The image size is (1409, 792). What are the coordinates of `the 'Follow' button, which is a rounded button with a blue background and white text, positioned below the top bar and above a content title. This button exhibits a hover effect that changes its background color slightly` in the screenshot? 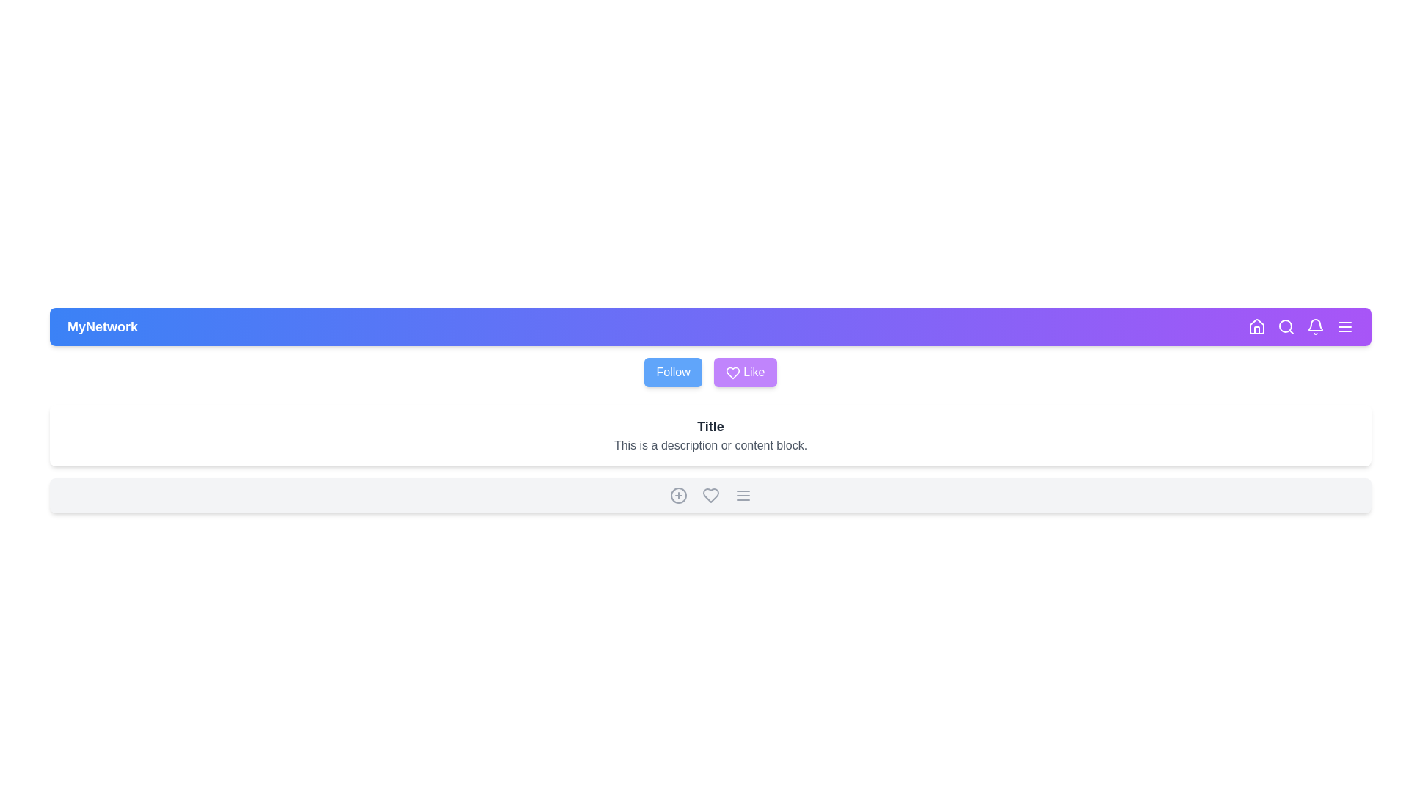 It's located at (672, 372).